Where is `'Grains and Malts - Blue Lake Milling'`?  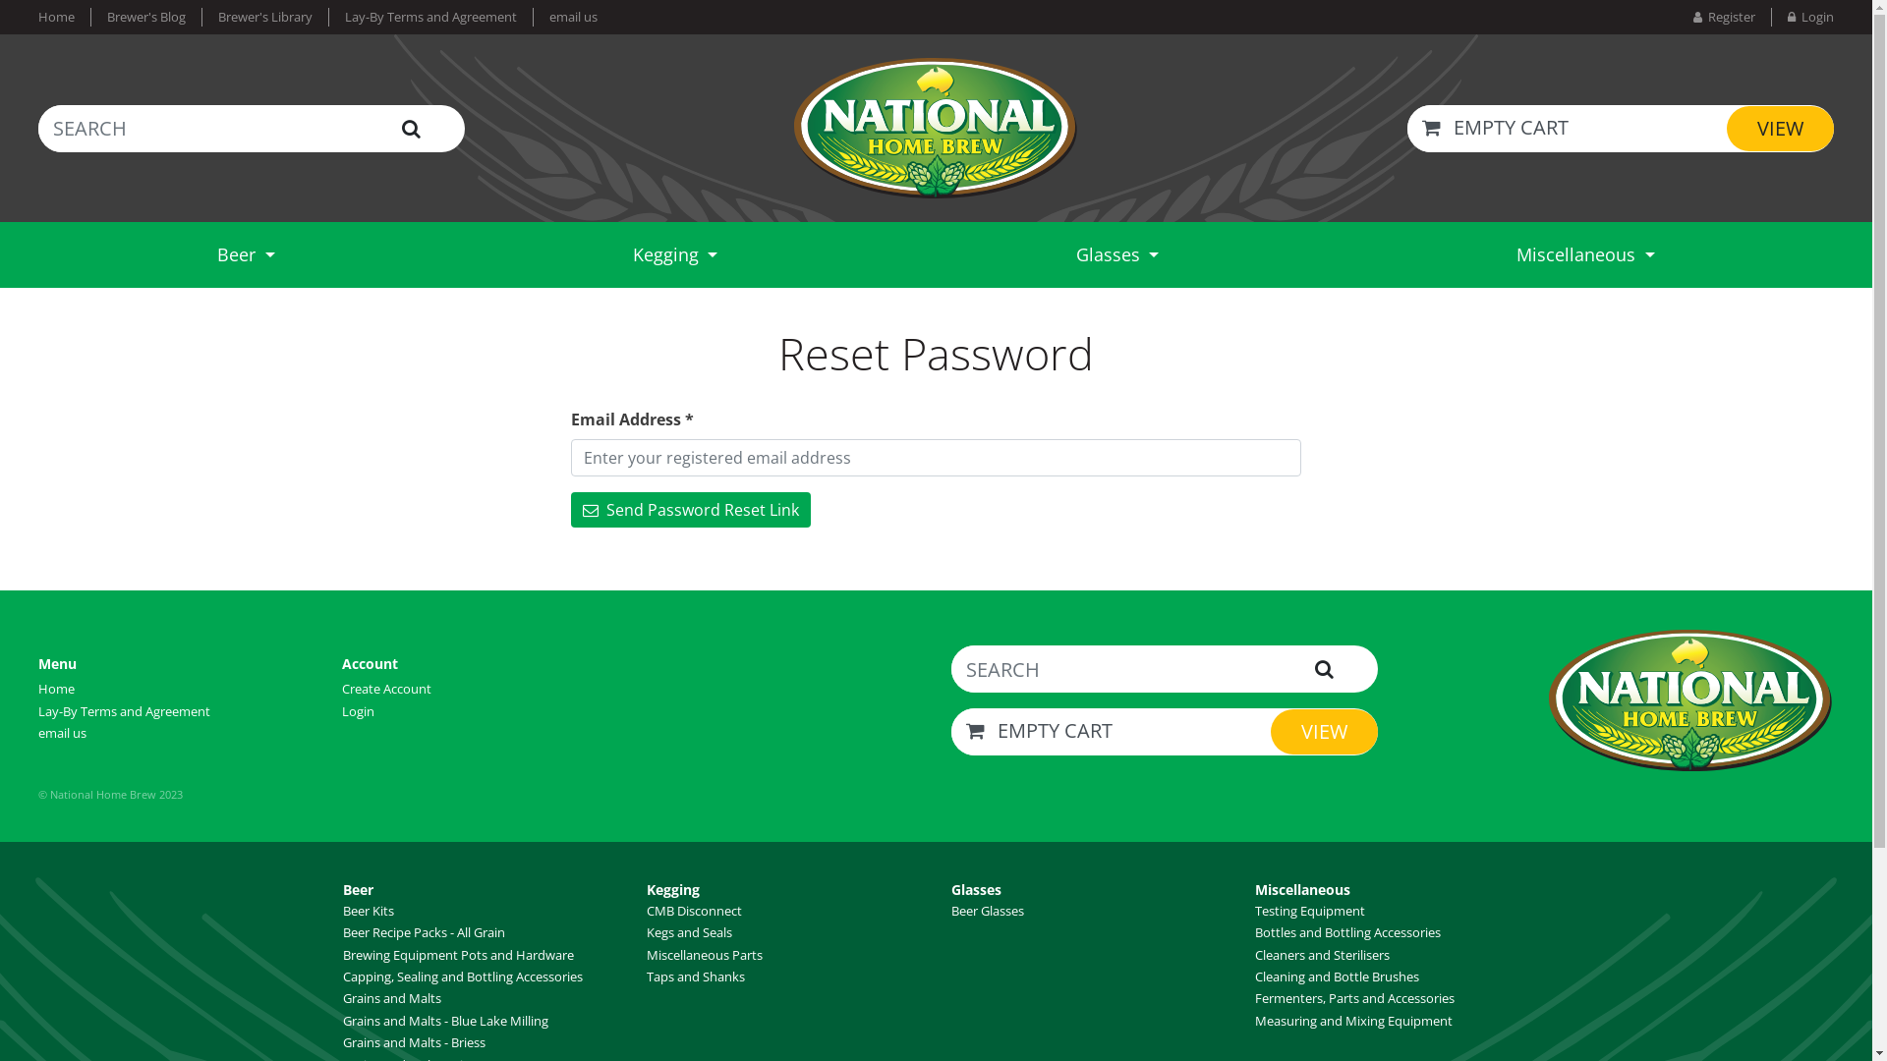
'Grains and Malts - Blue Lake Milling' is located at coordinates (343, 1019).